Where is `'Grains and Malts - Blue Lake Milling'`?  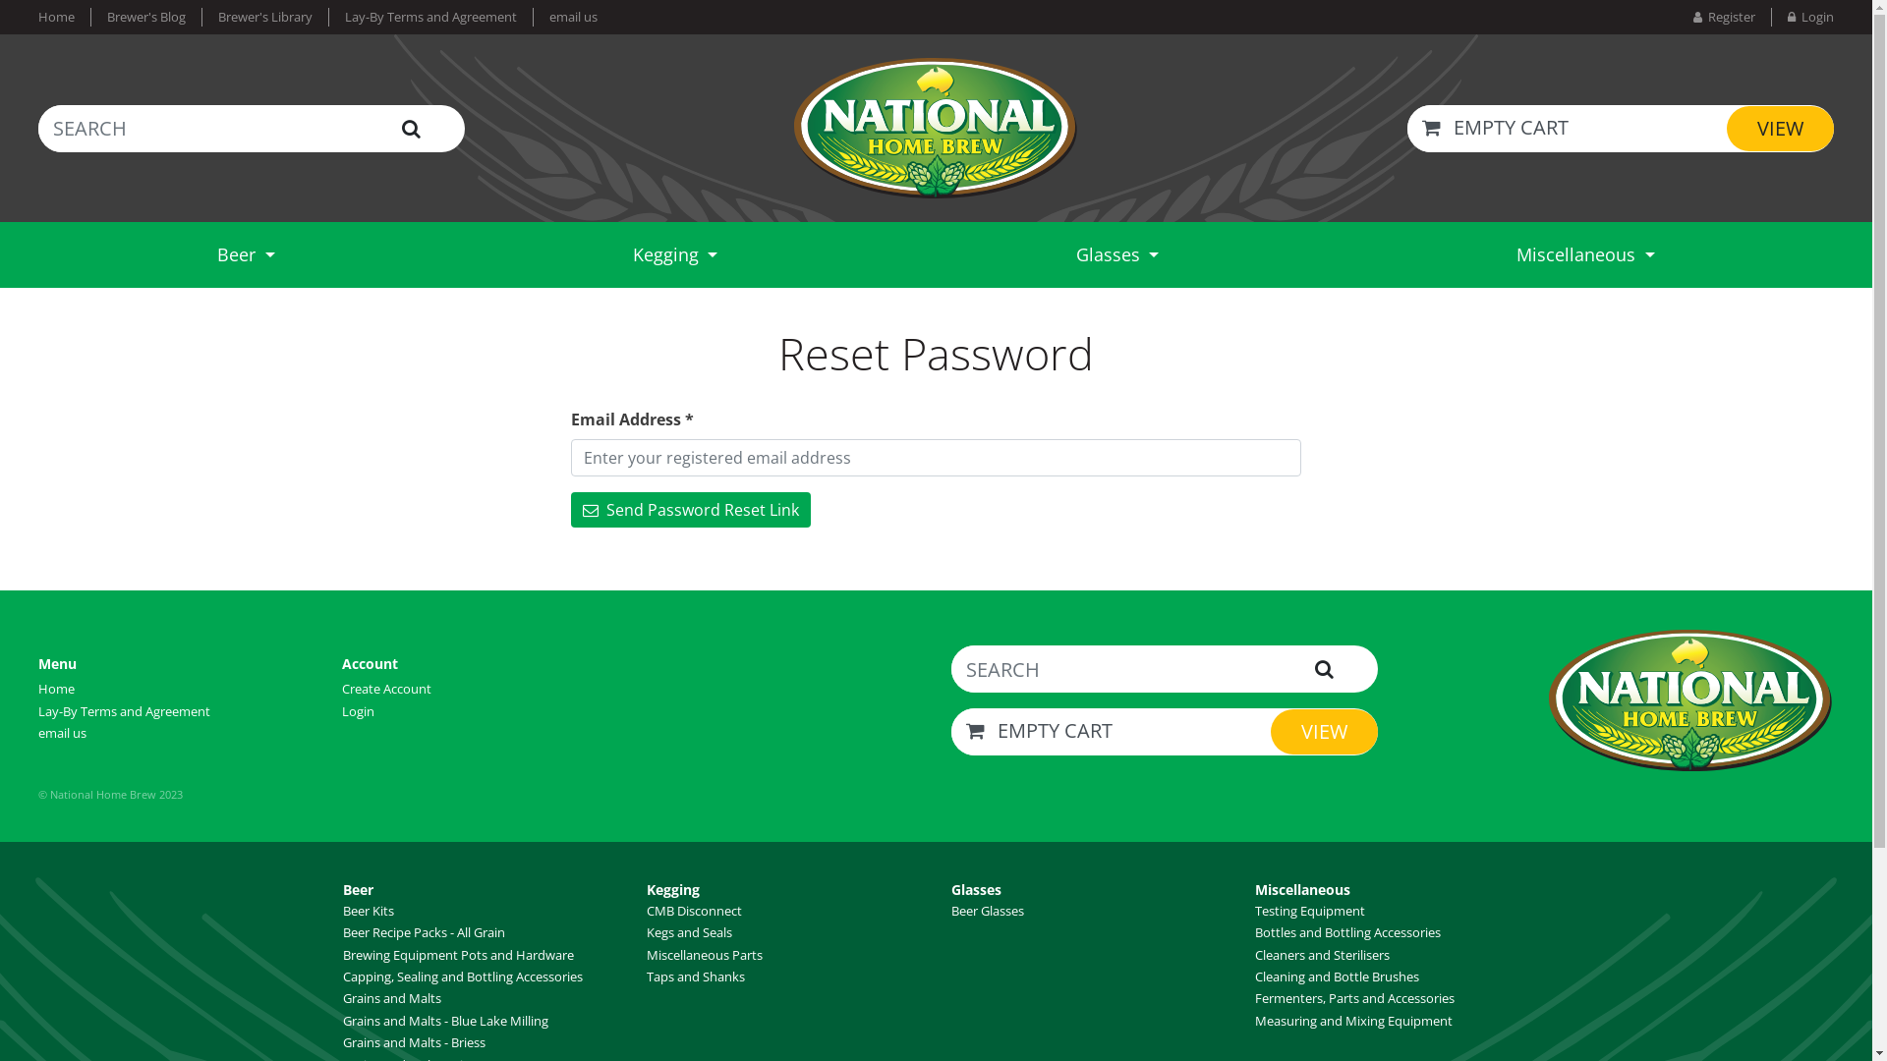
'Grains and Malts - Blue Lake Milling' is located at coordinates (343, 1019).